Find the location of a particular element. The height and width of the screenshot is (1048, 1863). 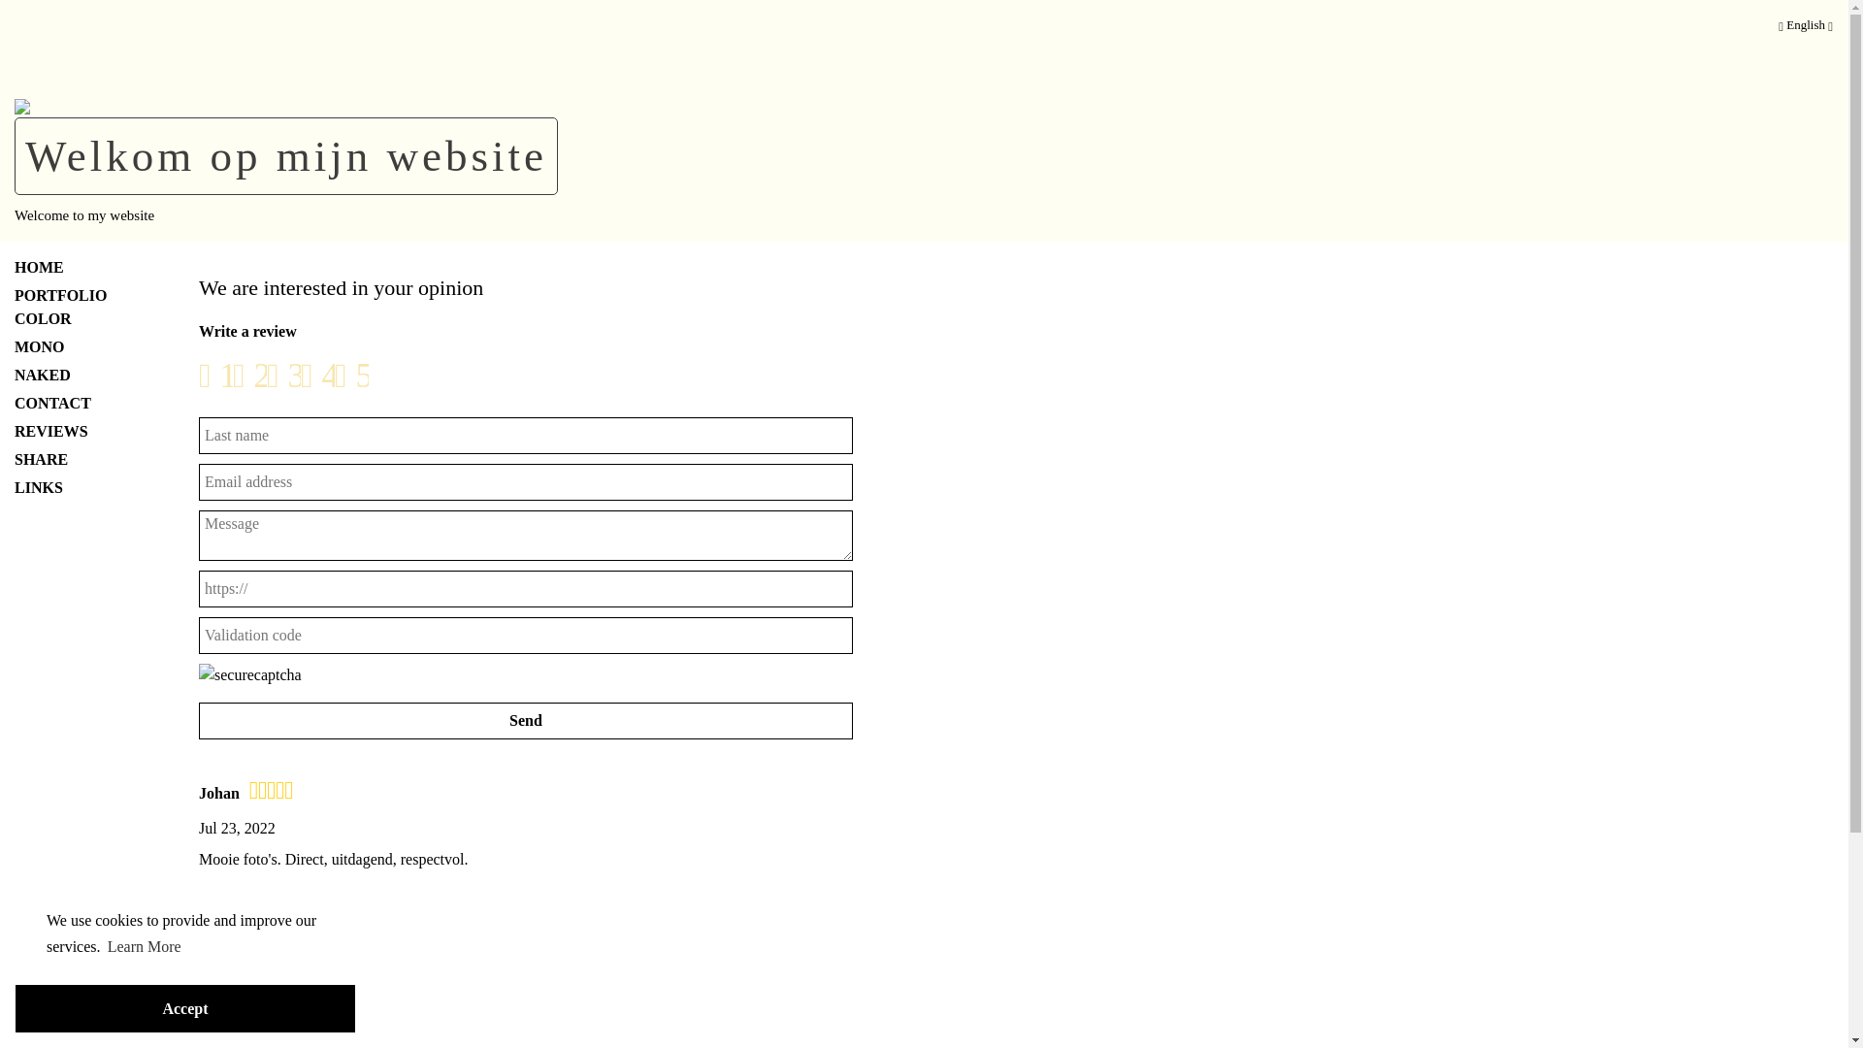

'Learn More' is located at coordinates (104, 945).